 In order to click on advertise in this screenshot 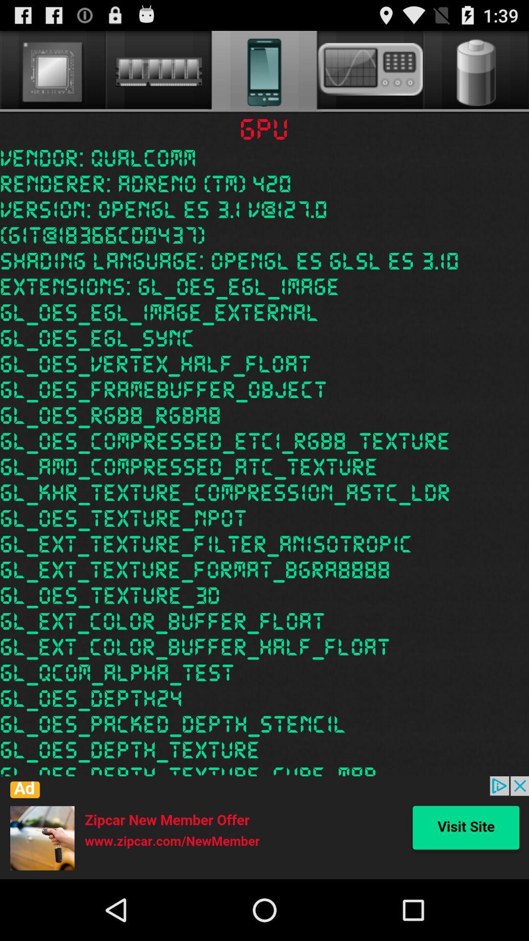, I will do `click(264, 827)`.